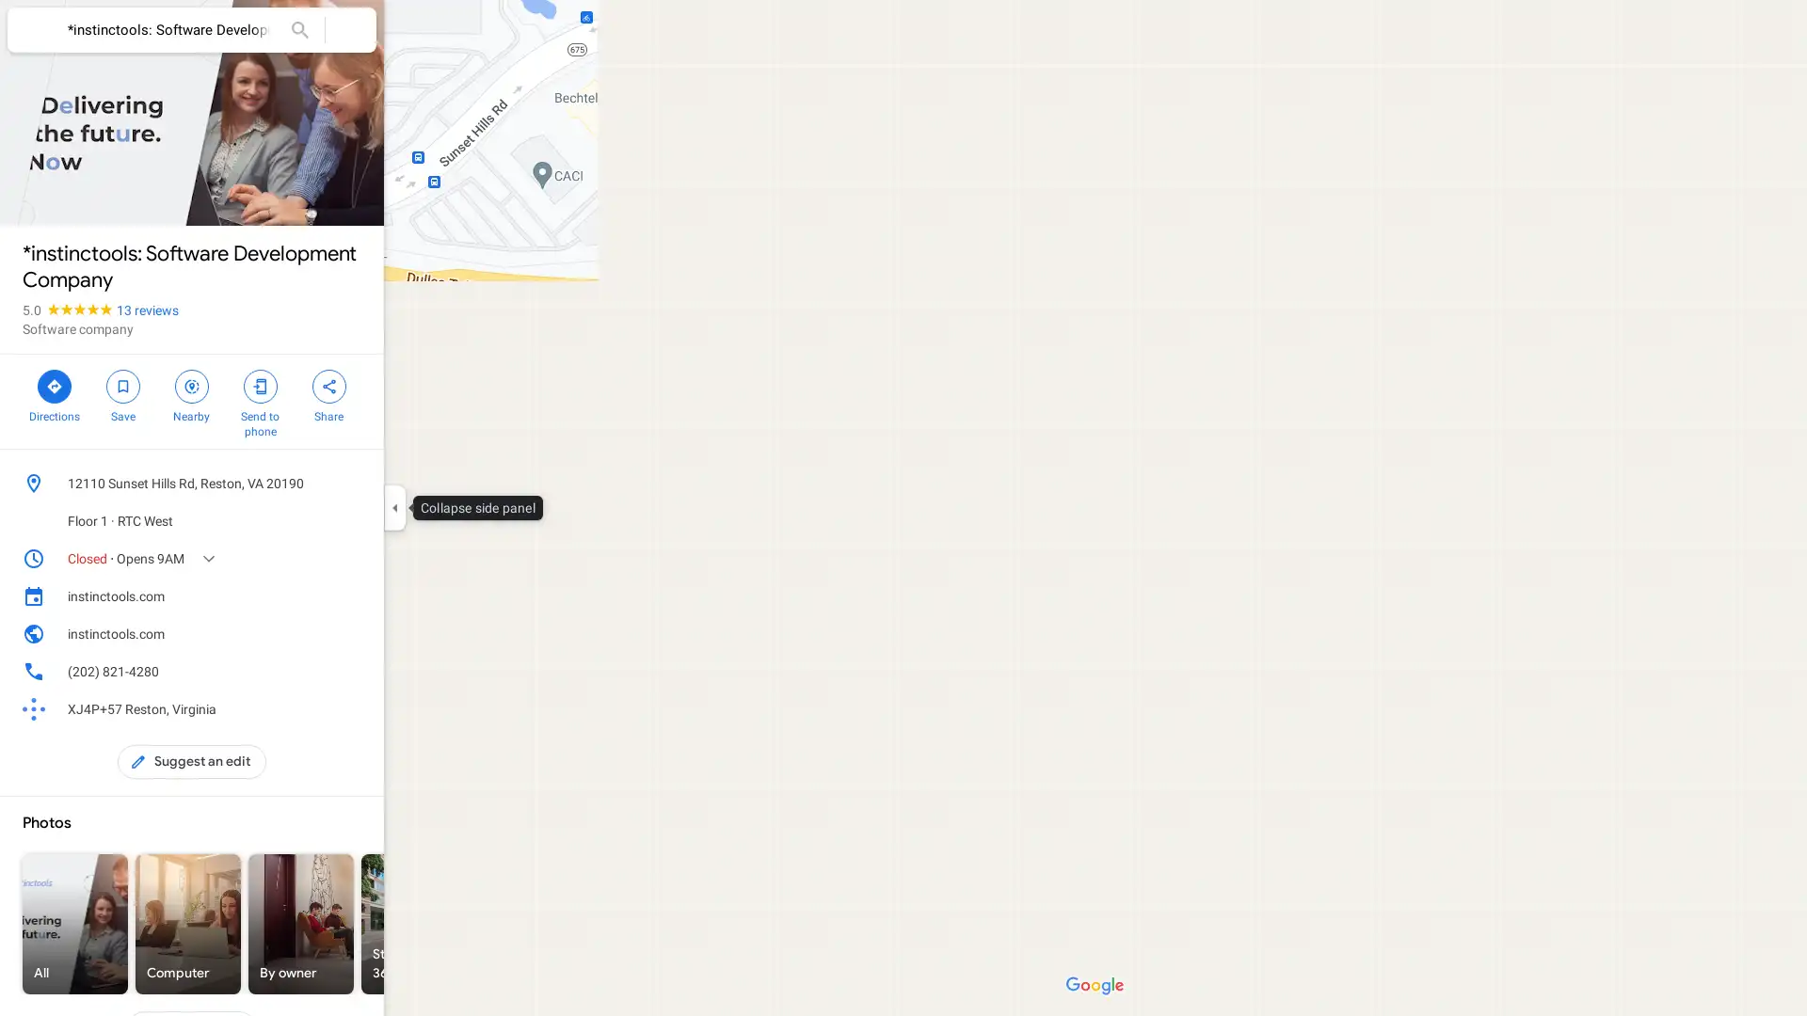 The width and height of the screenshot is (1807, 1016). Describe the element at coordinates (147, 310) in the screenshot. I see `13 reviews` at that location.